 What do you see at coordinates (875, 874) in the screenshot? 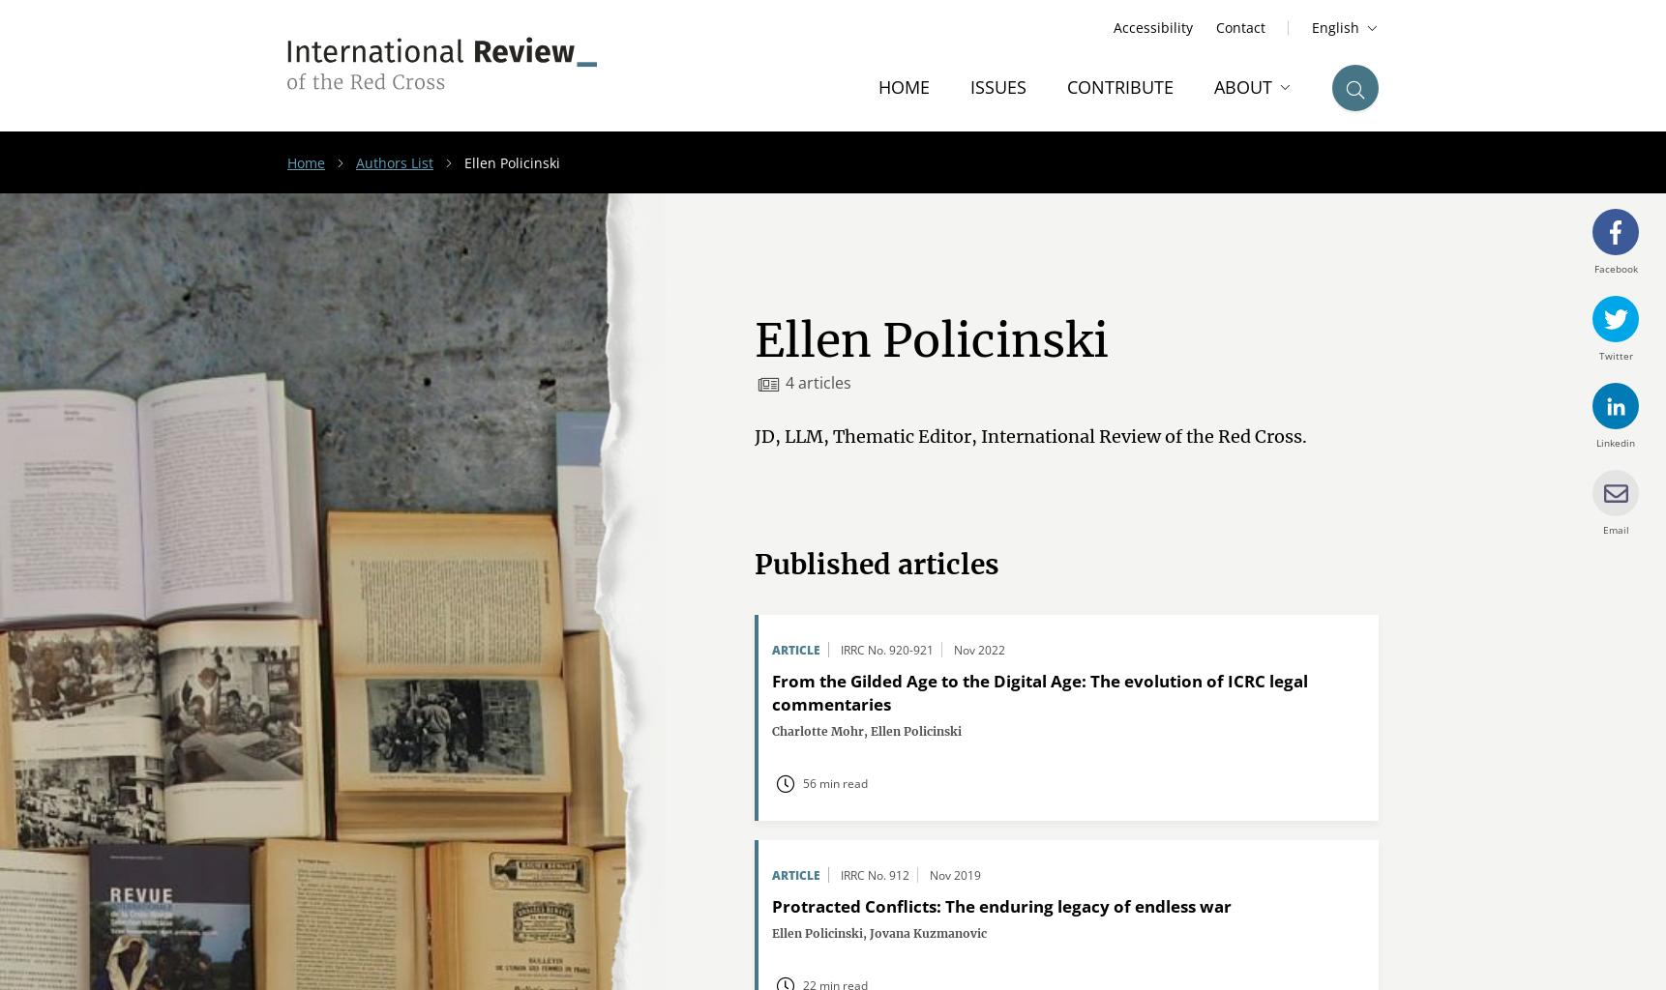
I see `'IRRC No. 912'` at bounding box center [875, 874].